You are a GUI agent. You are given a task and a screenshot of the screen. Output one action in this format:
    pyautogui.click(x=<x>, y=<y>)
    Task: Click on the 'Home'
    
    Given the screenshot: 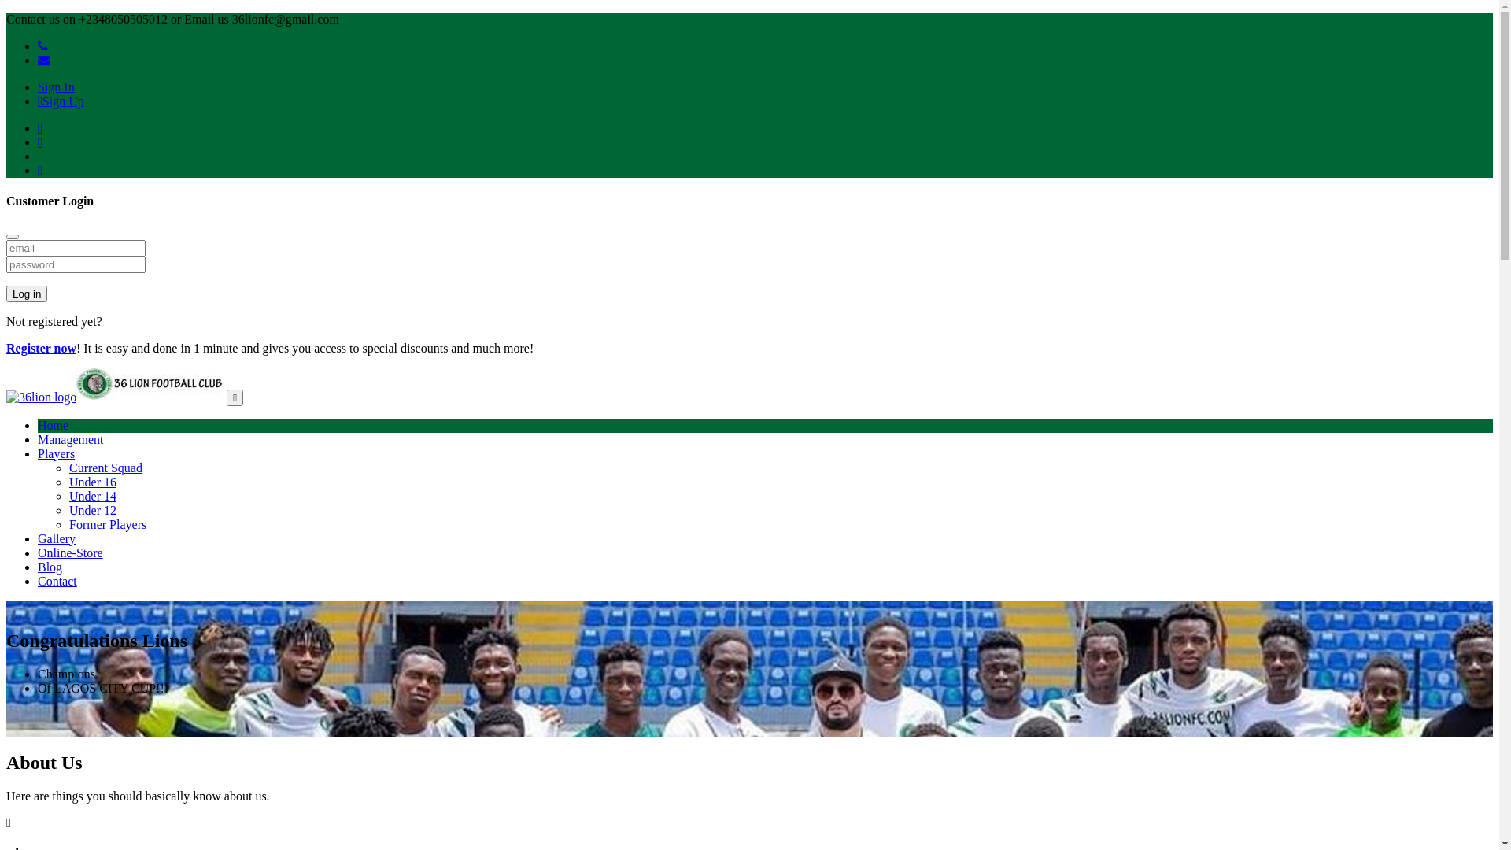 What is the action you would take?
    pyautogui.click(x=53, y=425)
    